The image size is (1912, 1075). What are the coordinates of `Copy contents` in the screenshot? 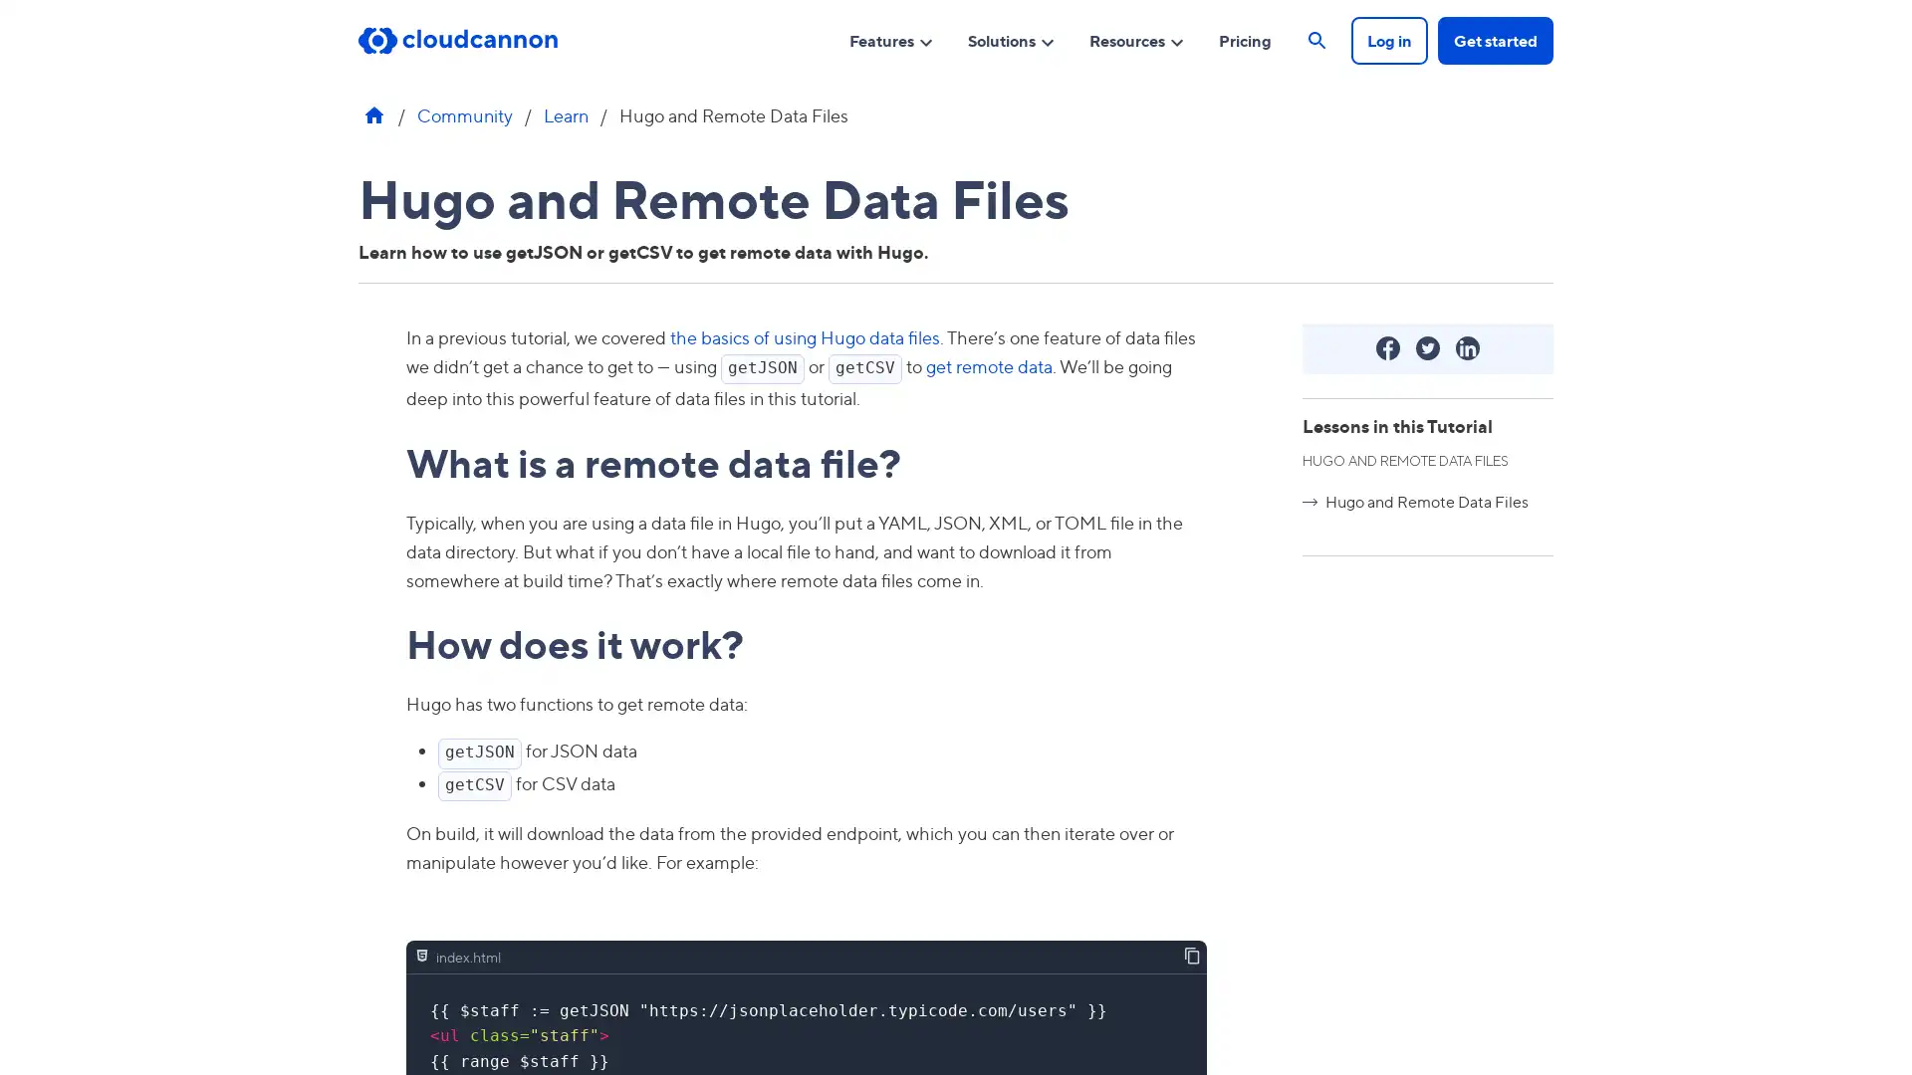 It's located at (1192, 955).